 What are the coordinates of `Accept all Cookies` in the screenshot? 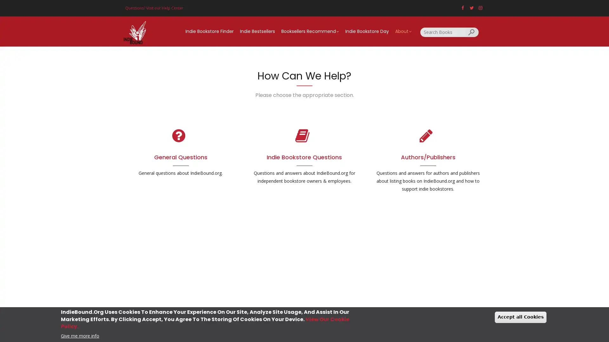 It's located at (521, 317).